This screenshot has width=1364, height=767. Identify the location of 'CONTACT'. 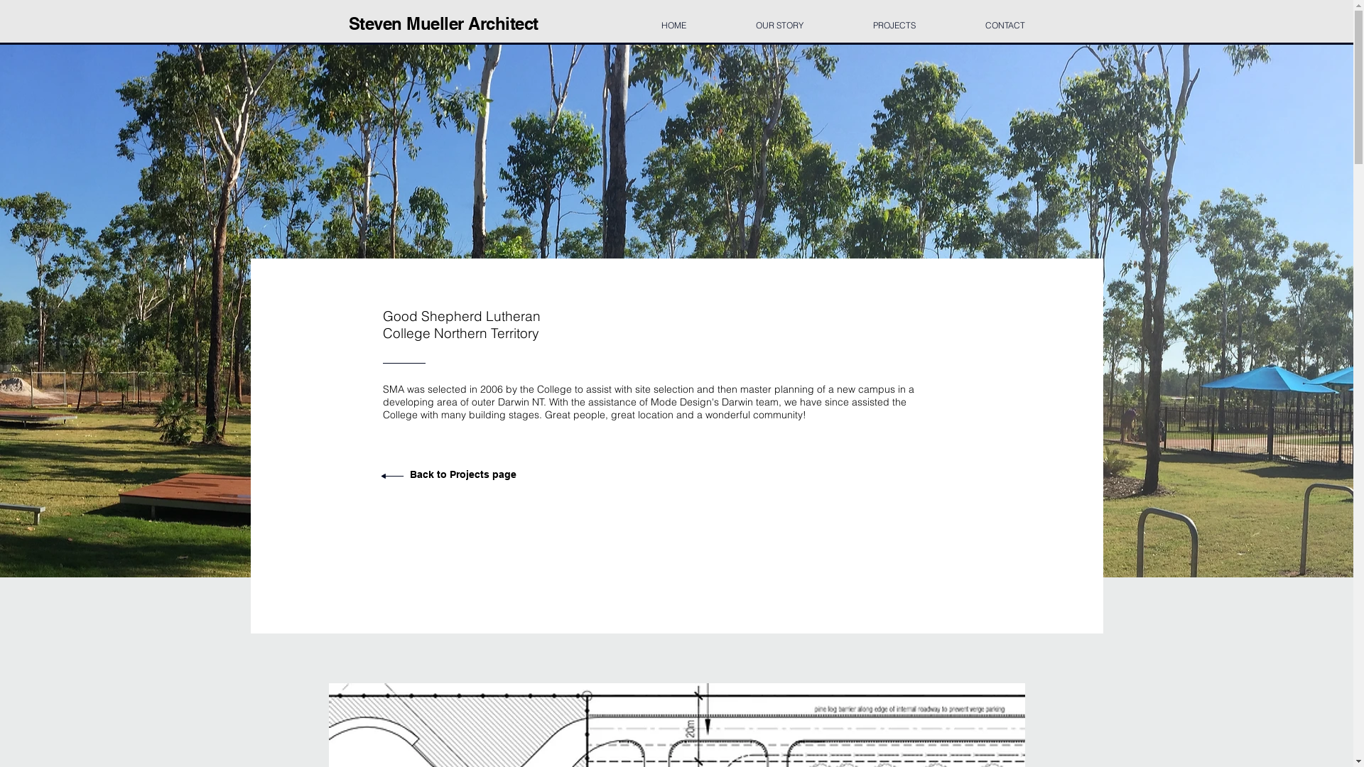
(1005, 19).